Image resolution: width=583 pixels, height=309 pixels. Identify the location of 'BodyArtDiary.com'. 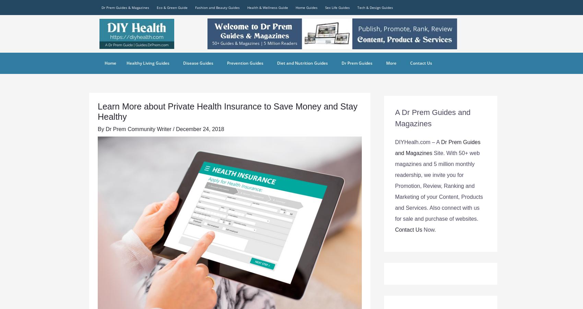
(215, 33).